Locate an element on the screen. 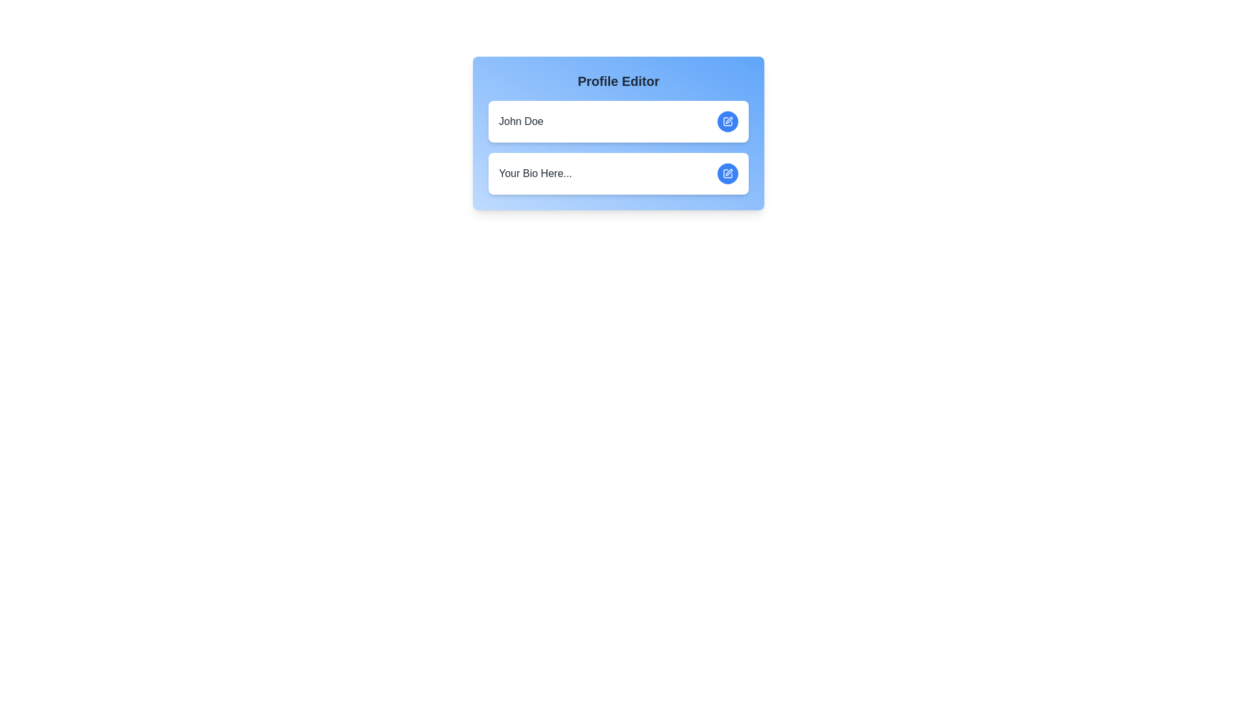 The width and height of the screenshot is (1249, 703). text from the 'Profile Editor' title, which is displayed in bold, extra-large font at the top of the page is located at coordinates (617, 81).